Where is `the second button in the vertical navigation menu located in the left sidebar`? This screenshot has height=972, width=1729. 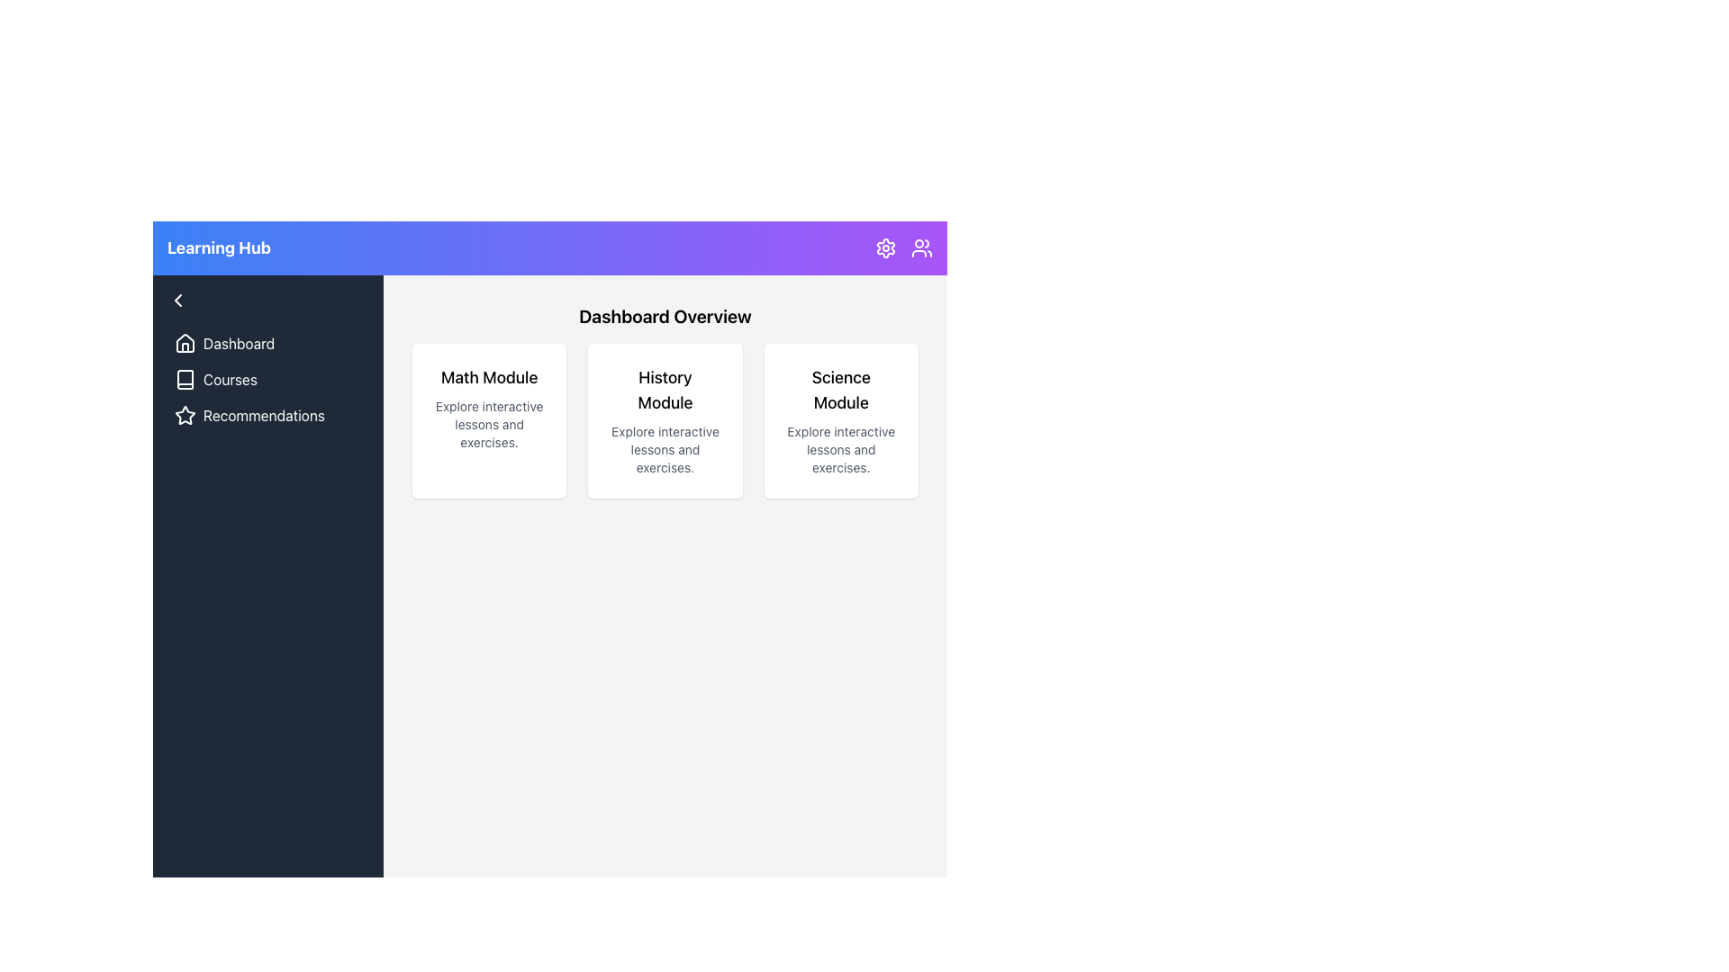 the second button in the vertical navigation menu located in the left sidebar is located at coordinates (267, 378).